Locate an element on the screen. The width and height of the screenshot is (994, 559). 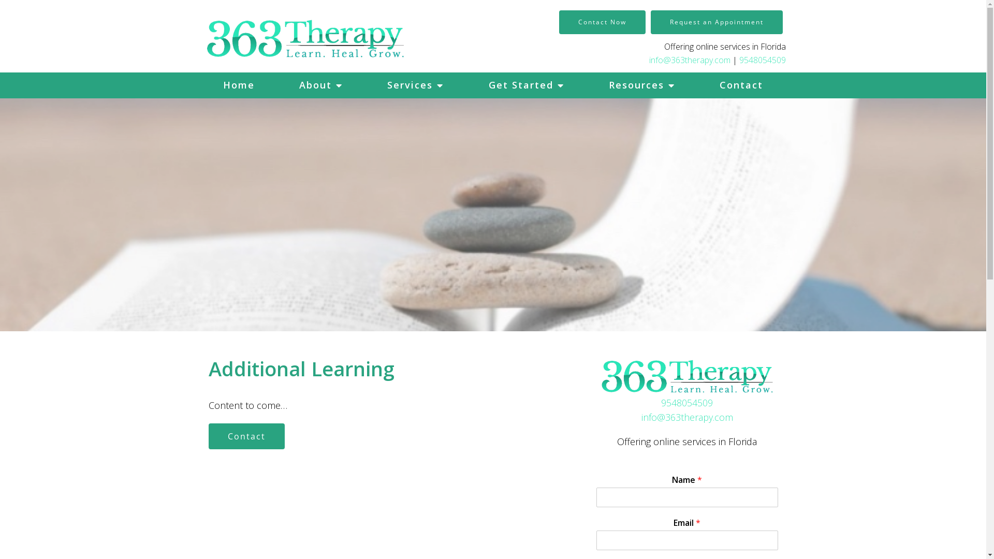
'Request an Appointment' is located at coordinates (650, 22).